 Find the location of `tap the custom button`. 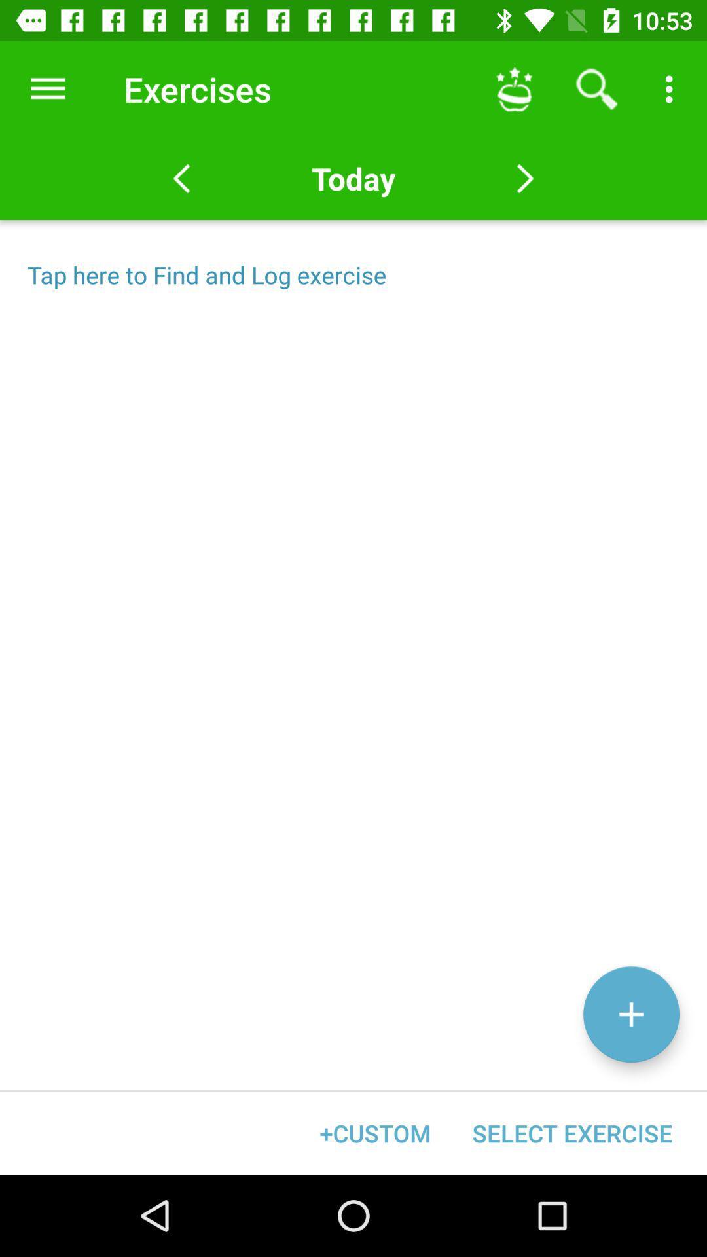

tap the custom button is located at coordinates (375, 1133).